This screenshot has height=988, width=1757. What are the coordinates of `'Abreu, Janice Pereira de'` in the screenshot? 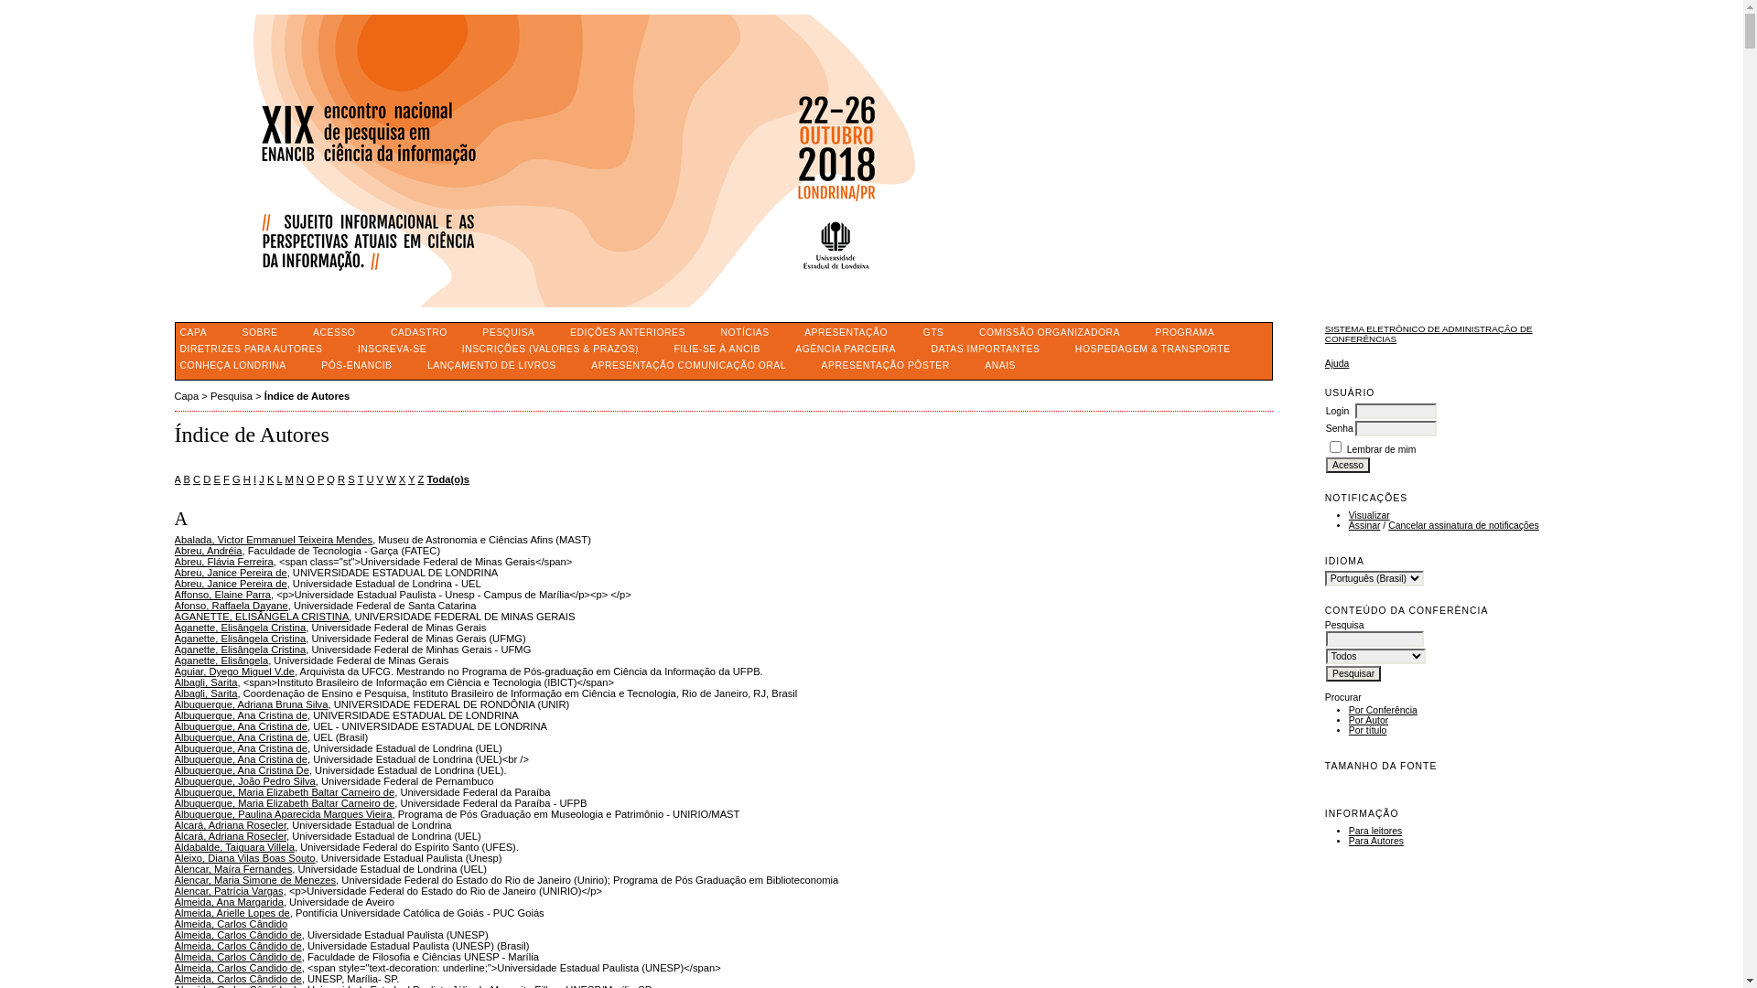 It's located at (229, 571).